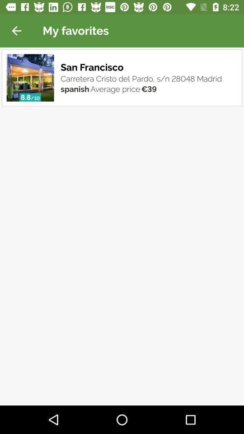  I want to click on spanish icon, so click(74, 88).